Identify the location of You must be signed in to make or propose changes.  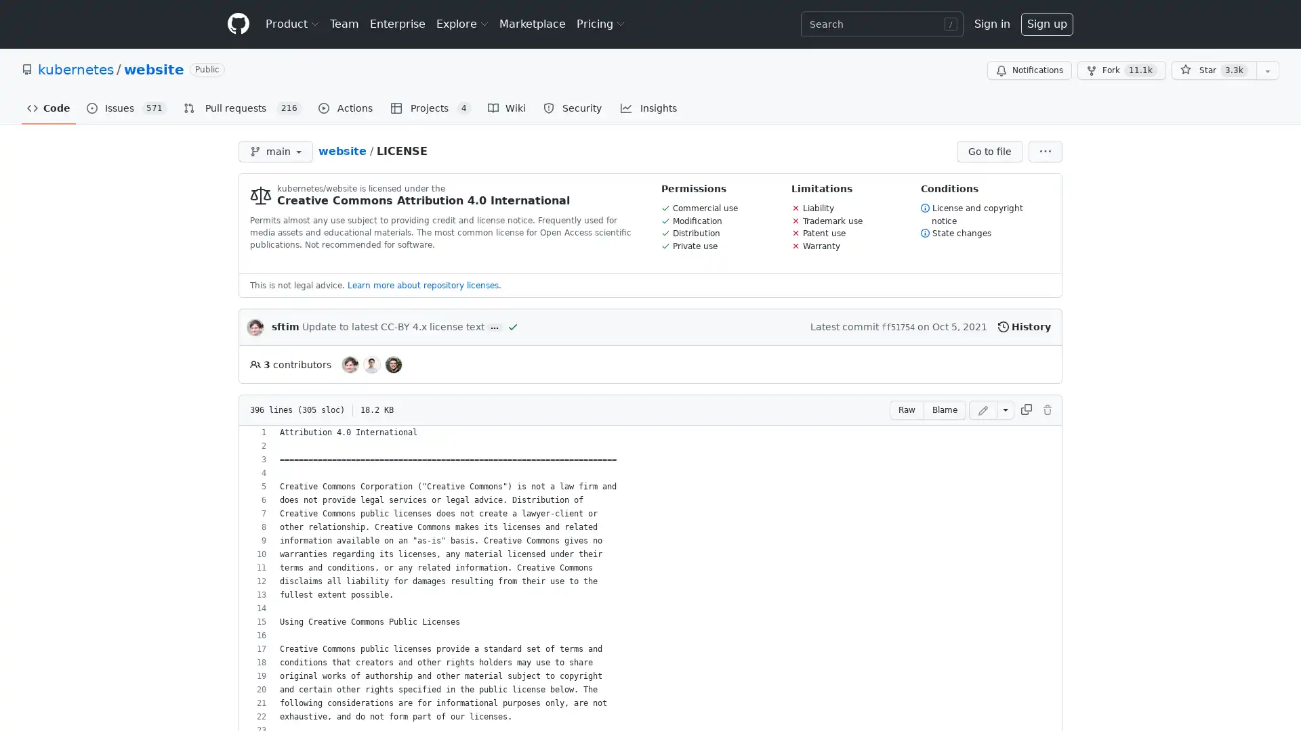
(1046, 409).